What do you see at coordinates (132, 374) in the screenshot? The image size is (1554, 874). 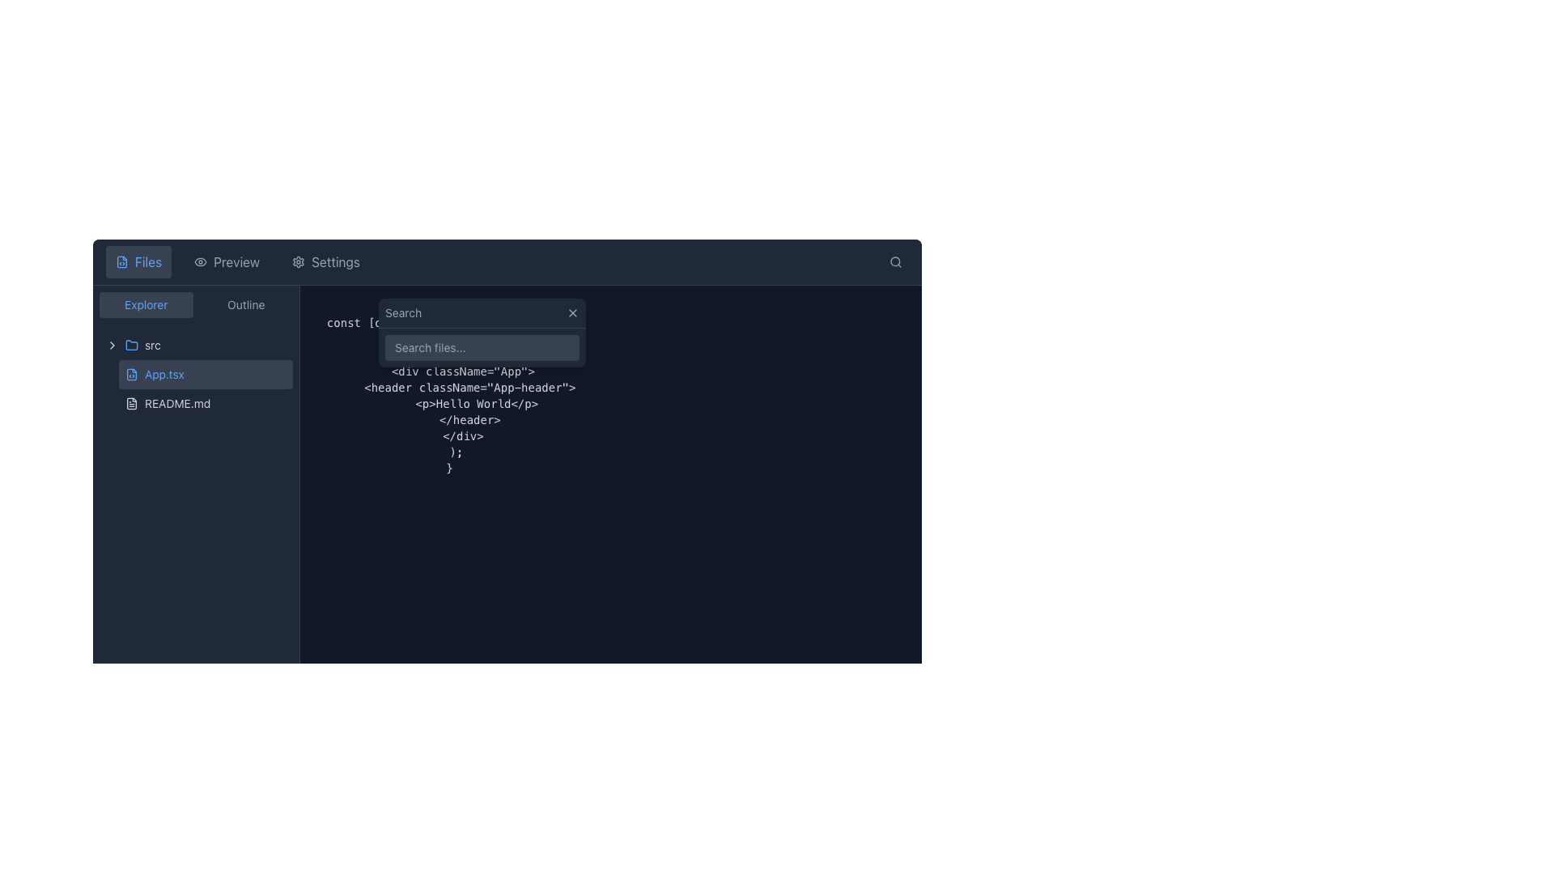 I see `the file icon representing 'App.tsx' in the Explorer panel to interact with it` at bounding box center [132, 374].